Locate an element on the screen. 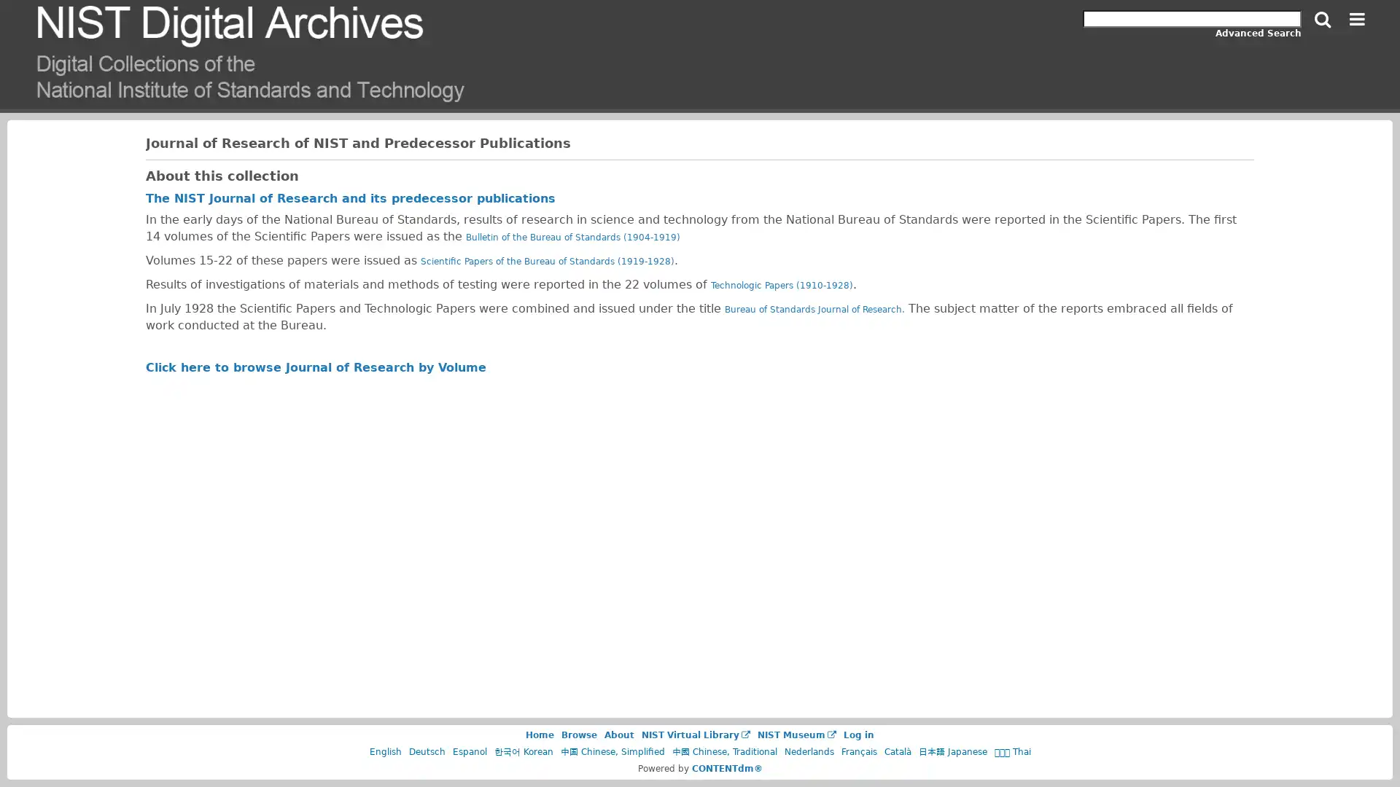  Thai is located at coordinates (1011, 752).